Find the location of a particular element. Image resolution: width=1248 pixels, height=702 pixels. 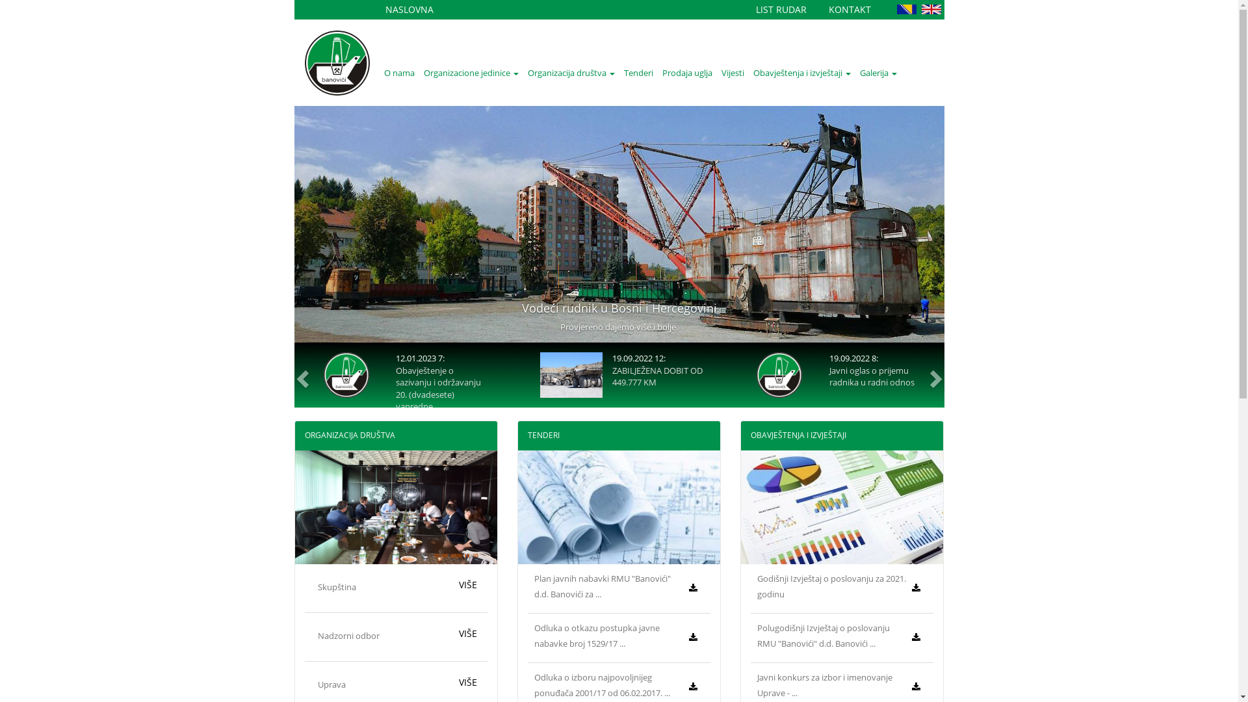

'Prethodni' is located at coordinates (299, 375).